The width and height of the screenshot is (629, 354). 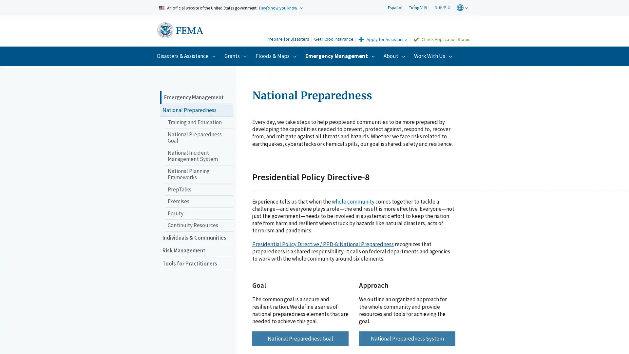 I want to click on Floods & Maps, so click(x=277, y=55).